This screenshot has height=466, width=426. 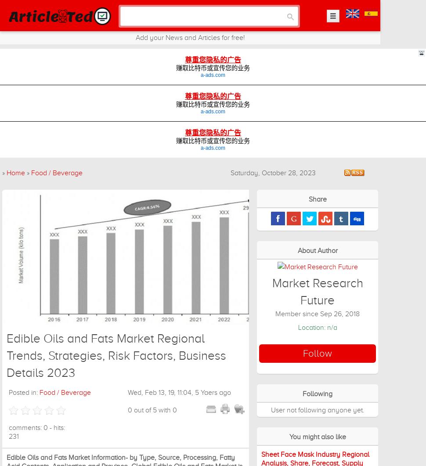 What do you see at coordinates (317, 436) in the screenshot?
I see `'You might also like'` at bounding box center [317, 436].